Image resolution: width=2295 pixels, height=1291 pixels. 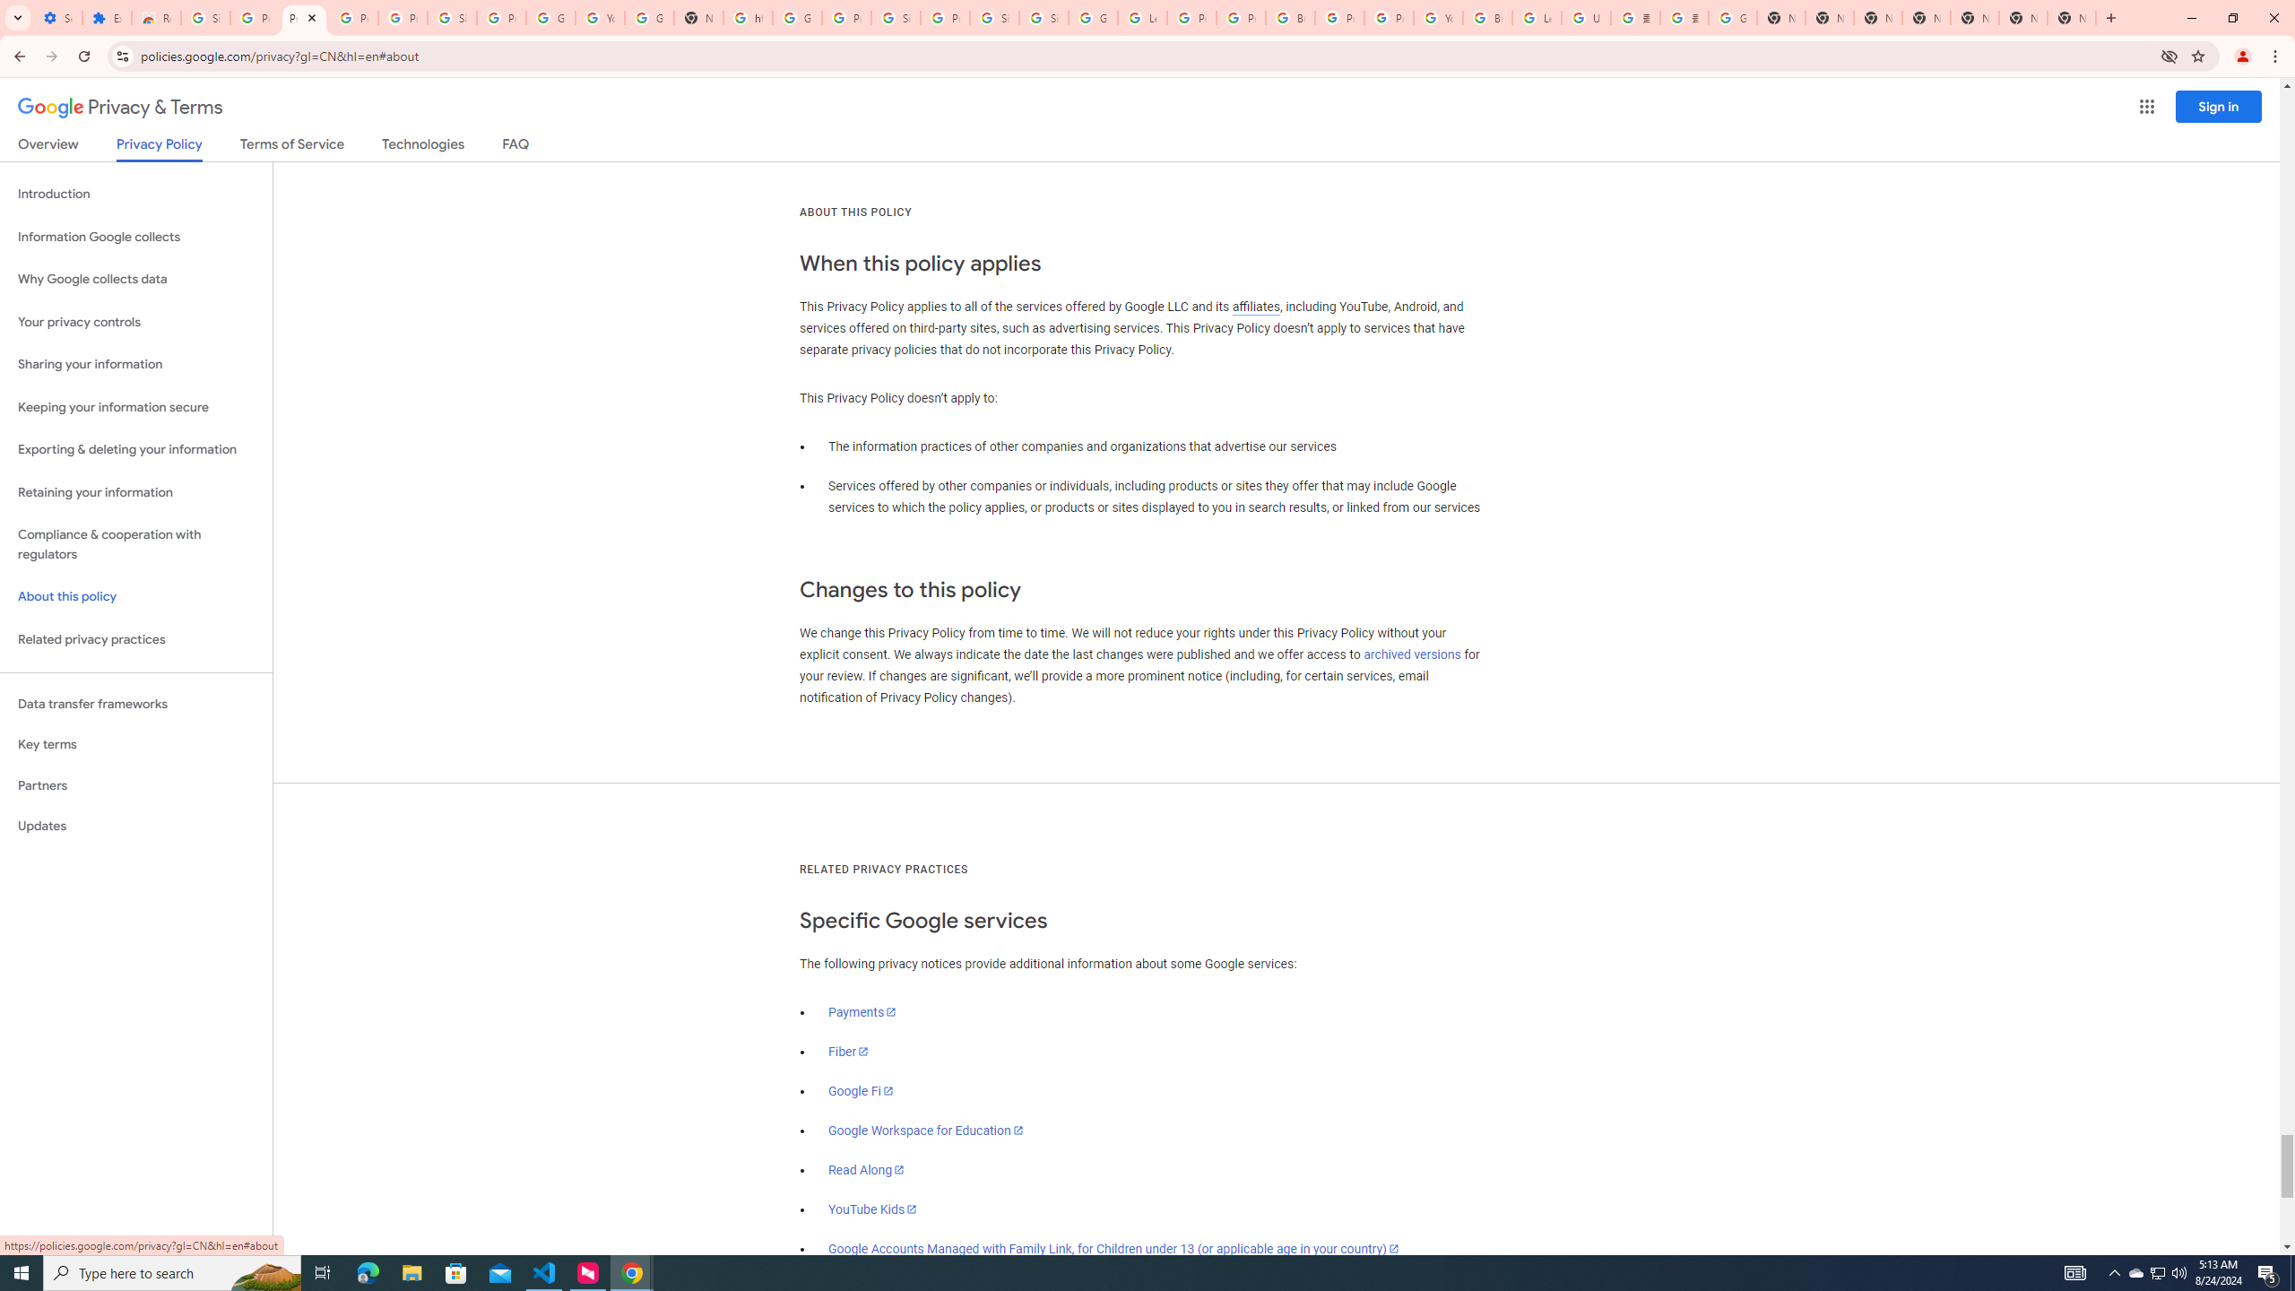 I want to click on 'https://scholar.google.com/', so click(x=747, y=17).